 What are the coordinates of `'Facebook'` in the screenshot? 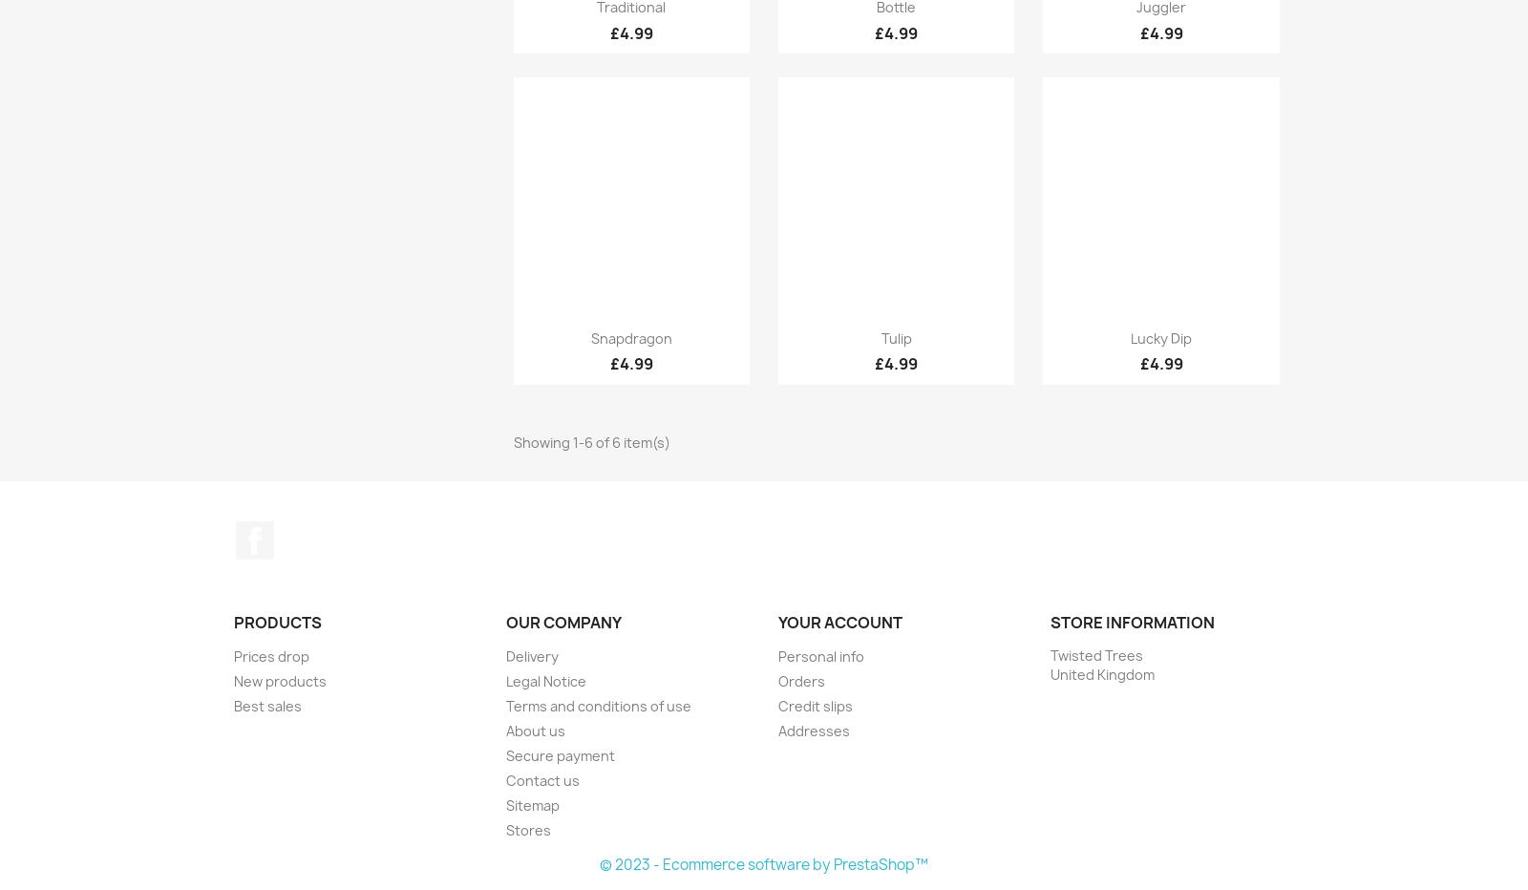 It's located at (309, 530).